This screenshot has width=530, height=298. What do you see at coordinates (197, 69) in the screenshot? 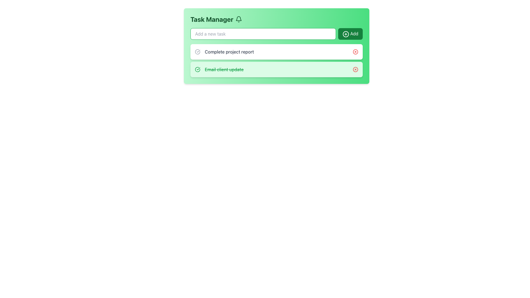
I see `the Completion indicator icon for the task 'Email client update'` at bounding box center [197, 69].